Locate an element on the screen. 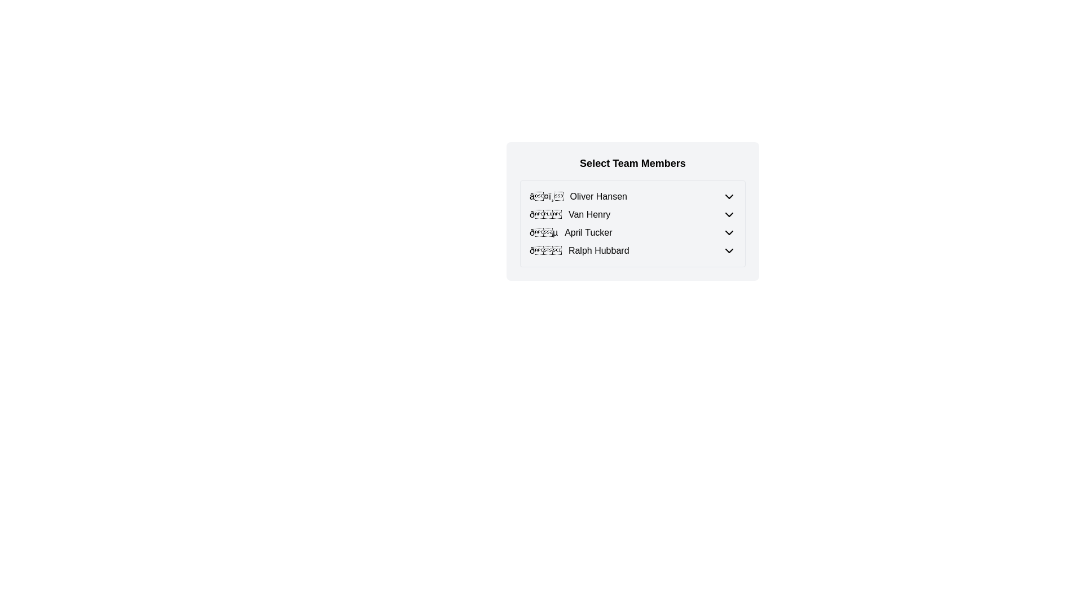  the third list item with a dropdown toggle for 'April Tucker' is located at coordinates (633, 232).